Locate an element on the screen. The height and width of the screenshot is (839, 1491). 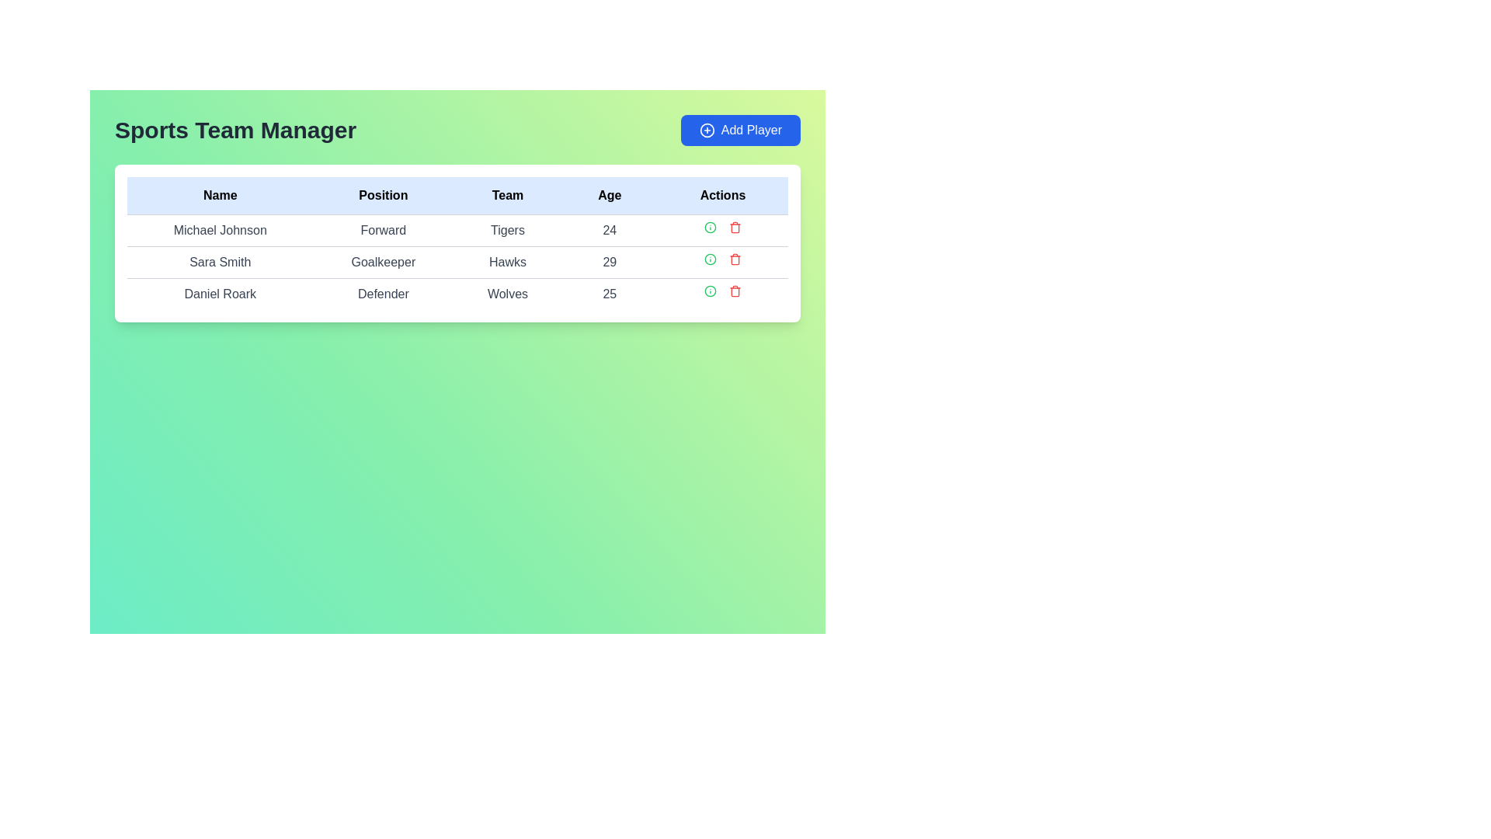
the Trash Can icon located in the last row under the 'Actions' column of the team management table is located at coordinates (734, 292).